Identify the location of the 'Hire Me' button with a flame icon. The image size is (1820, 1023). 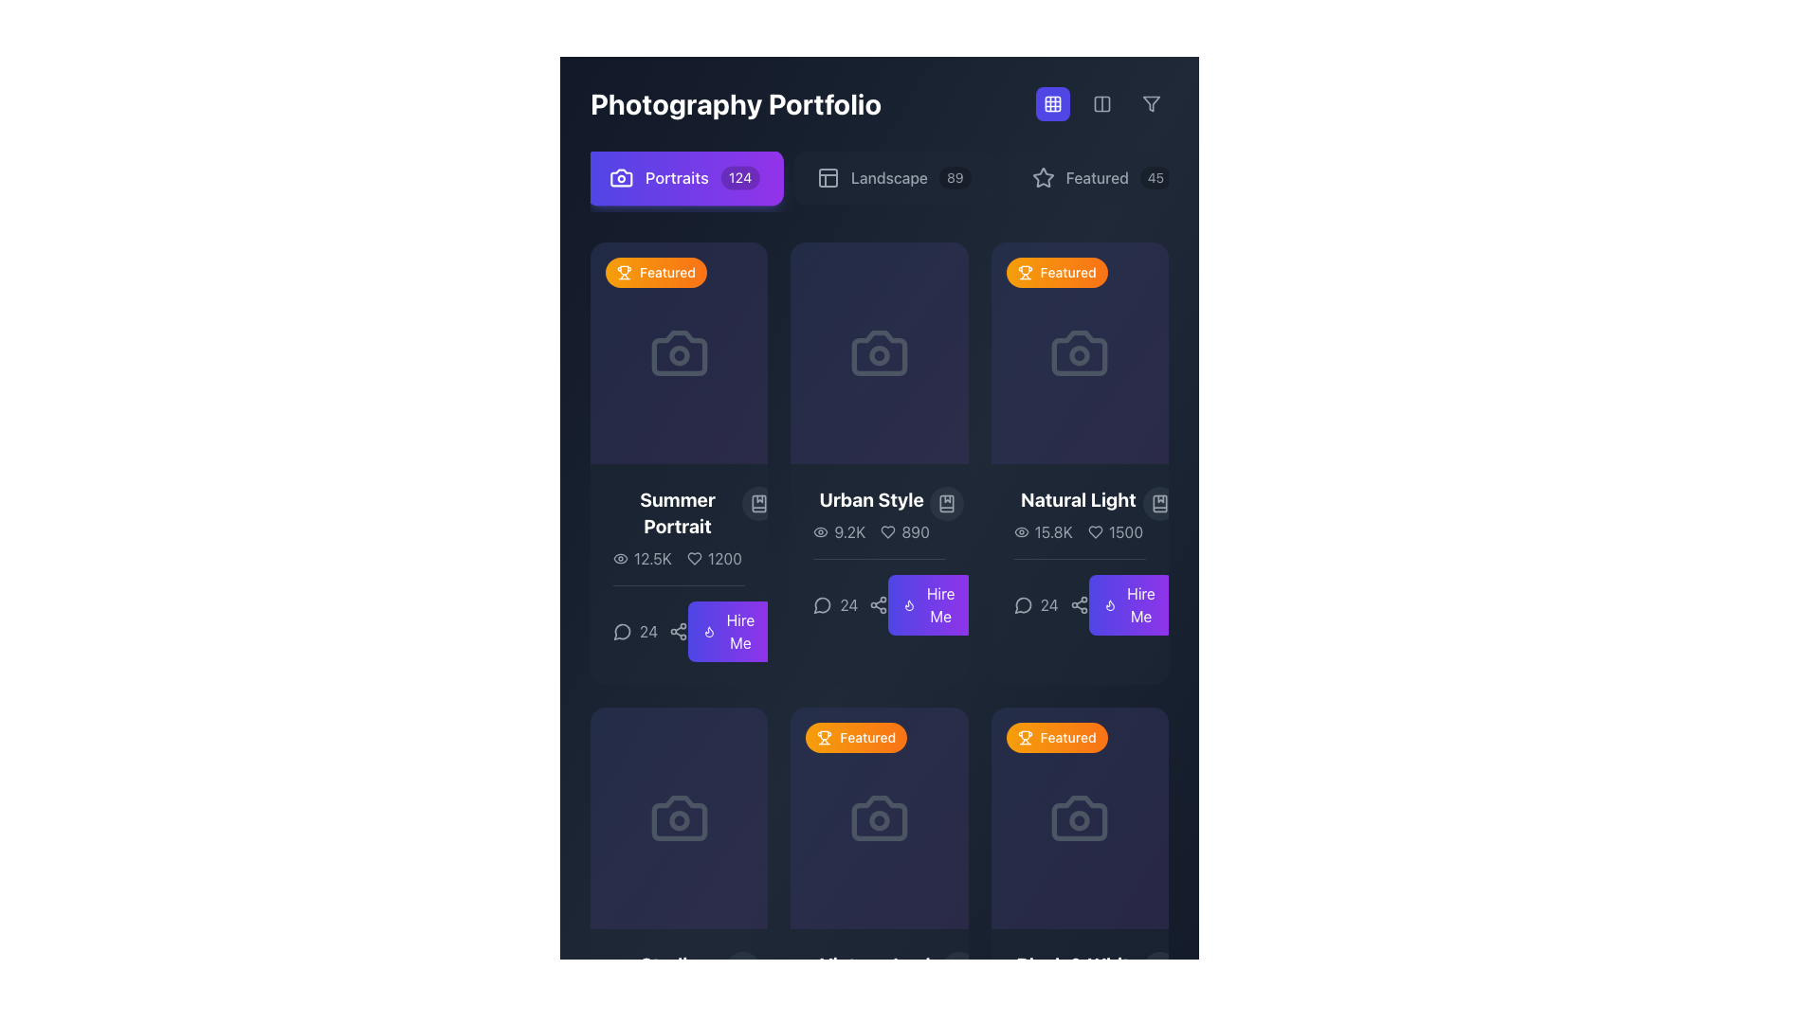
(729, 632).